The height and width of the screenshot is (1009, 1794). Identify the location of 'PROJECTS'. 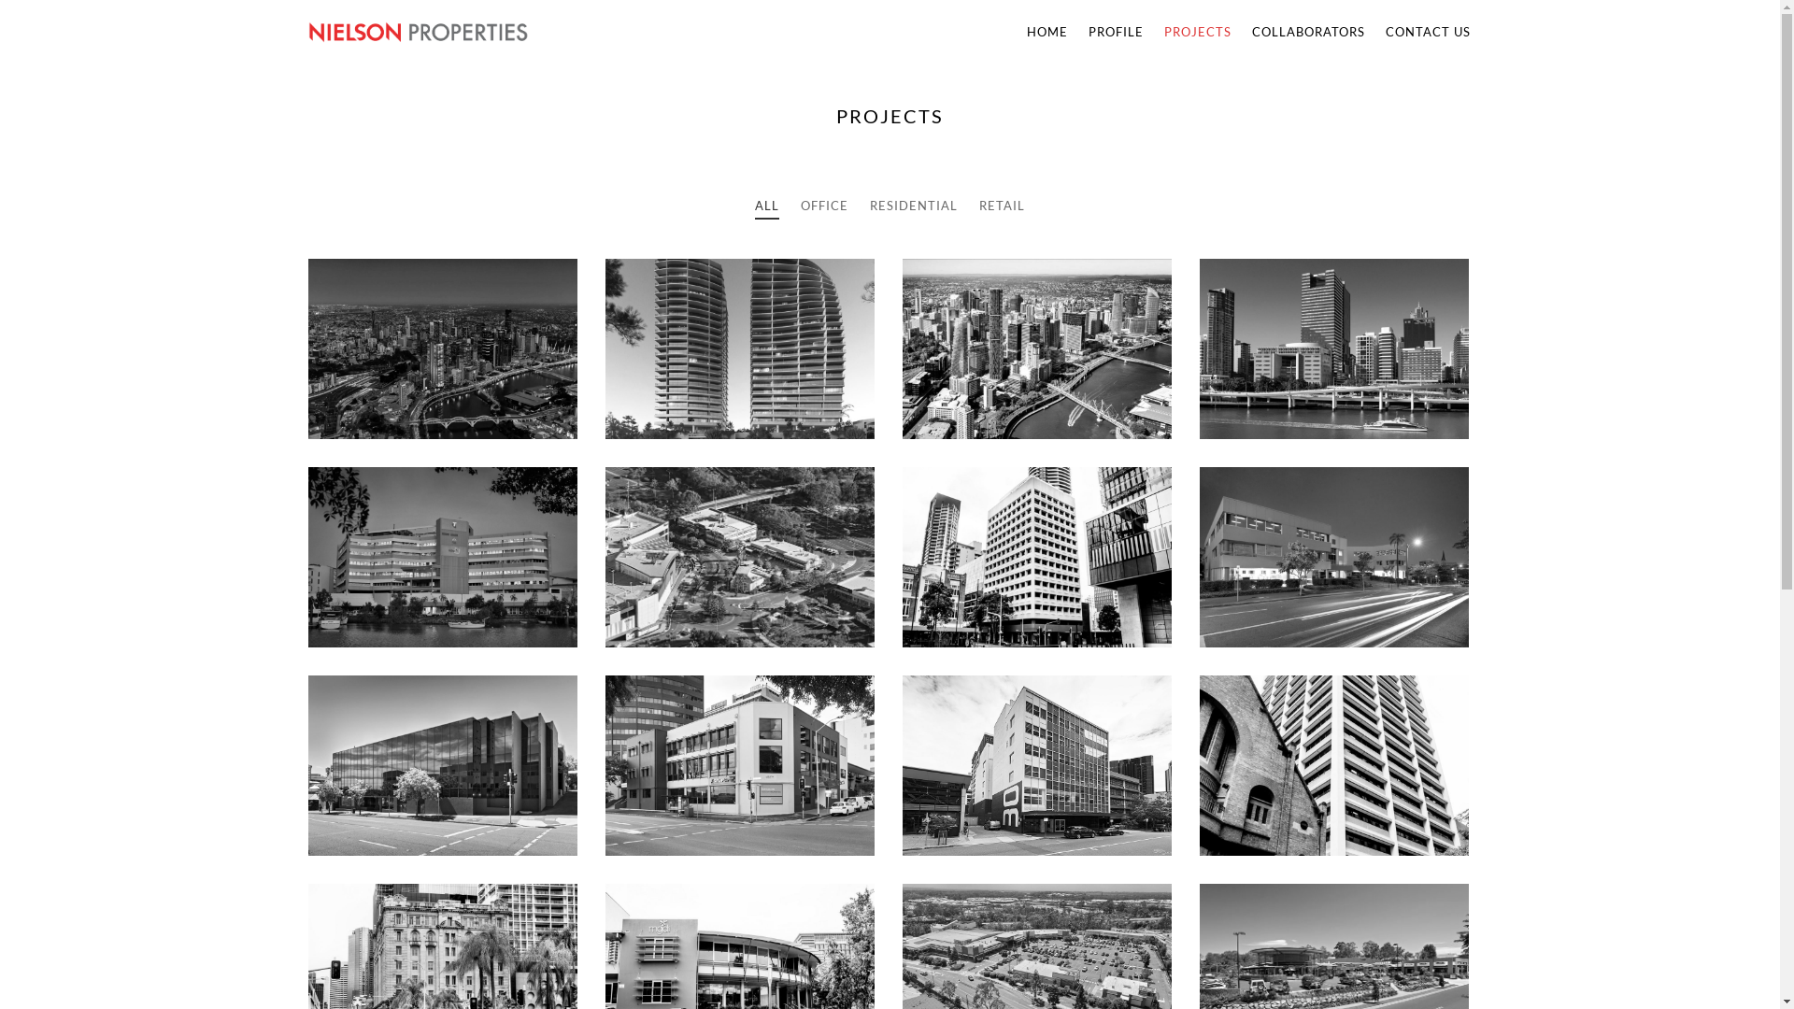
(1197, 32).